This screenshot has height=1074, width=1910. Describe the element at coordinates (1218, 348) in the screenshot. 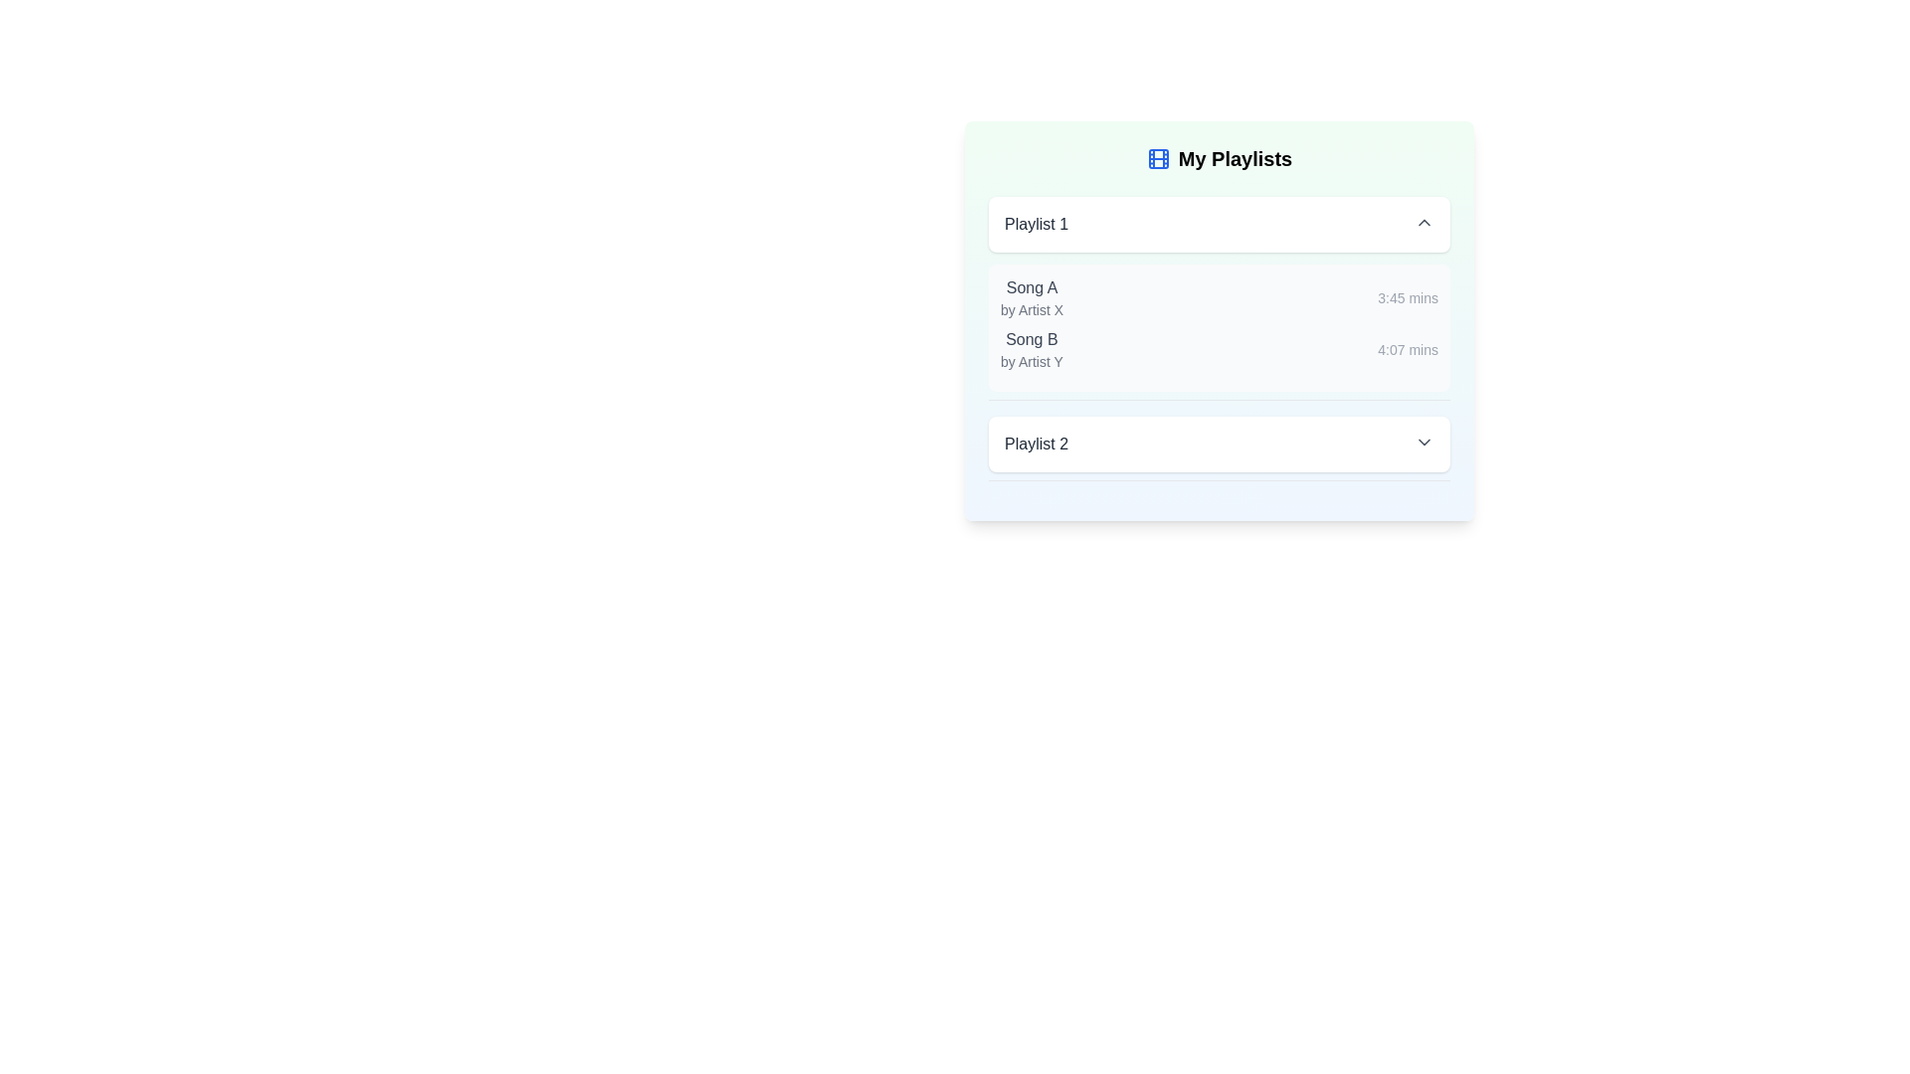

I see `the static content display showing the song information for 'Song B' by 'Artist Y', which is the second entry in 'Playlist 1'` at that location.